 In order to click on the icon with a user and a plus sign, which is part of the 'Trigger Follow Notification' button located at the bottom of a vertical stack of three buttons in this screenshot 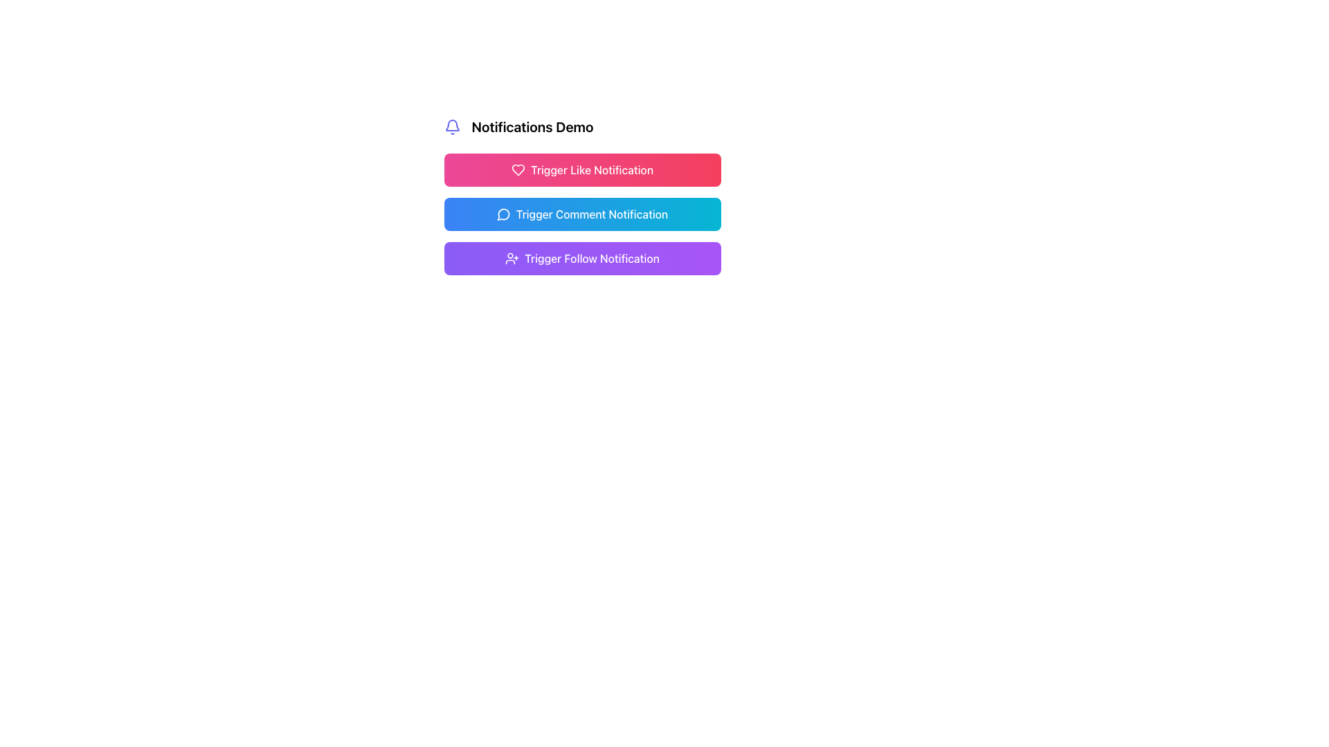, I will do `click(512, 259)`.